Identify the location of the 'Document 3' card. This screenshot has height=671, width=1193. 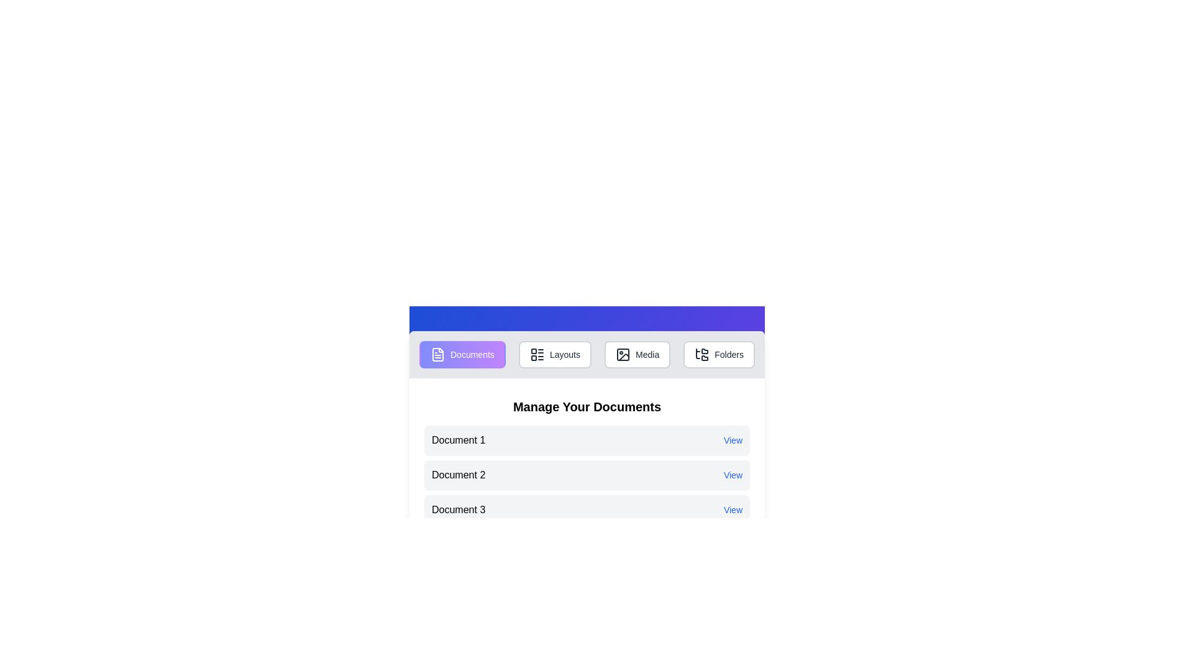
(587, 510).